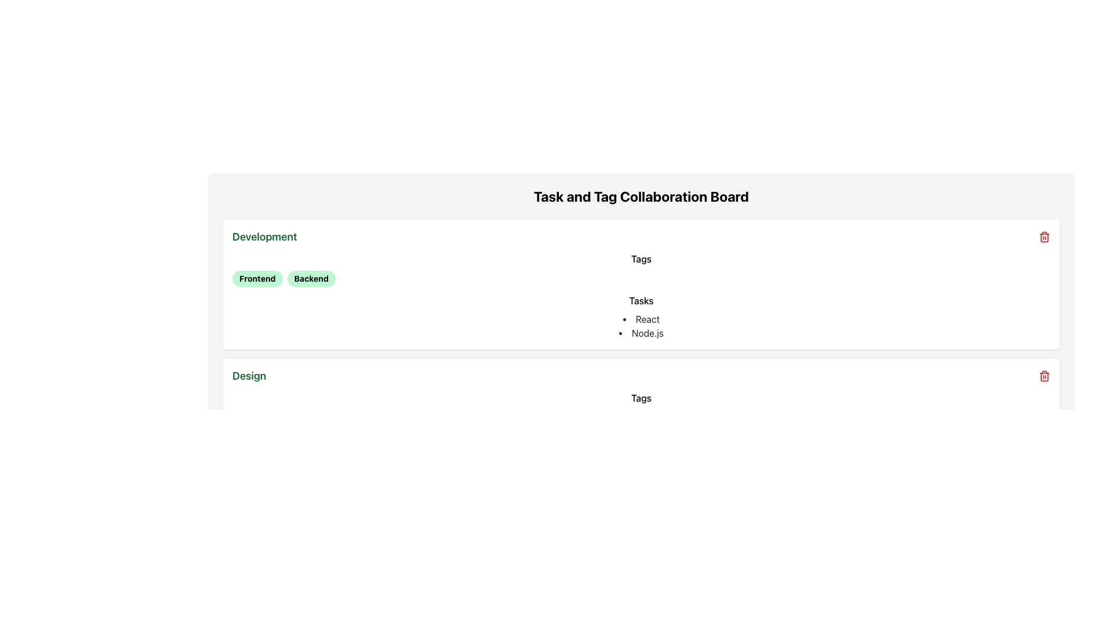 The height and width of the screenshot is (626, 1113). Describe the element at coordinates (641, 319) in the screenshot. I see `information from the text label indicating a task in the bulleted list located to the left of 'Node.js'` at that location.